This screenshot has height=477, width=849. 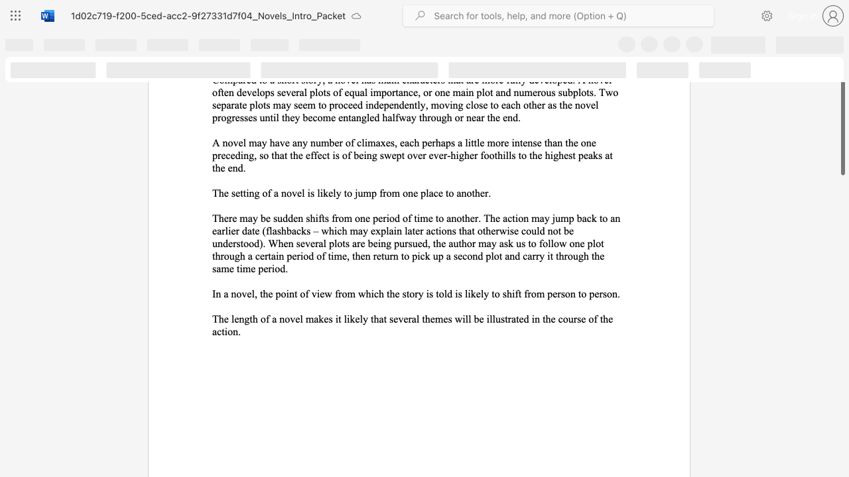 I want to click on the scrollbar and move down 580 pixels, so click(x=842, y=110).